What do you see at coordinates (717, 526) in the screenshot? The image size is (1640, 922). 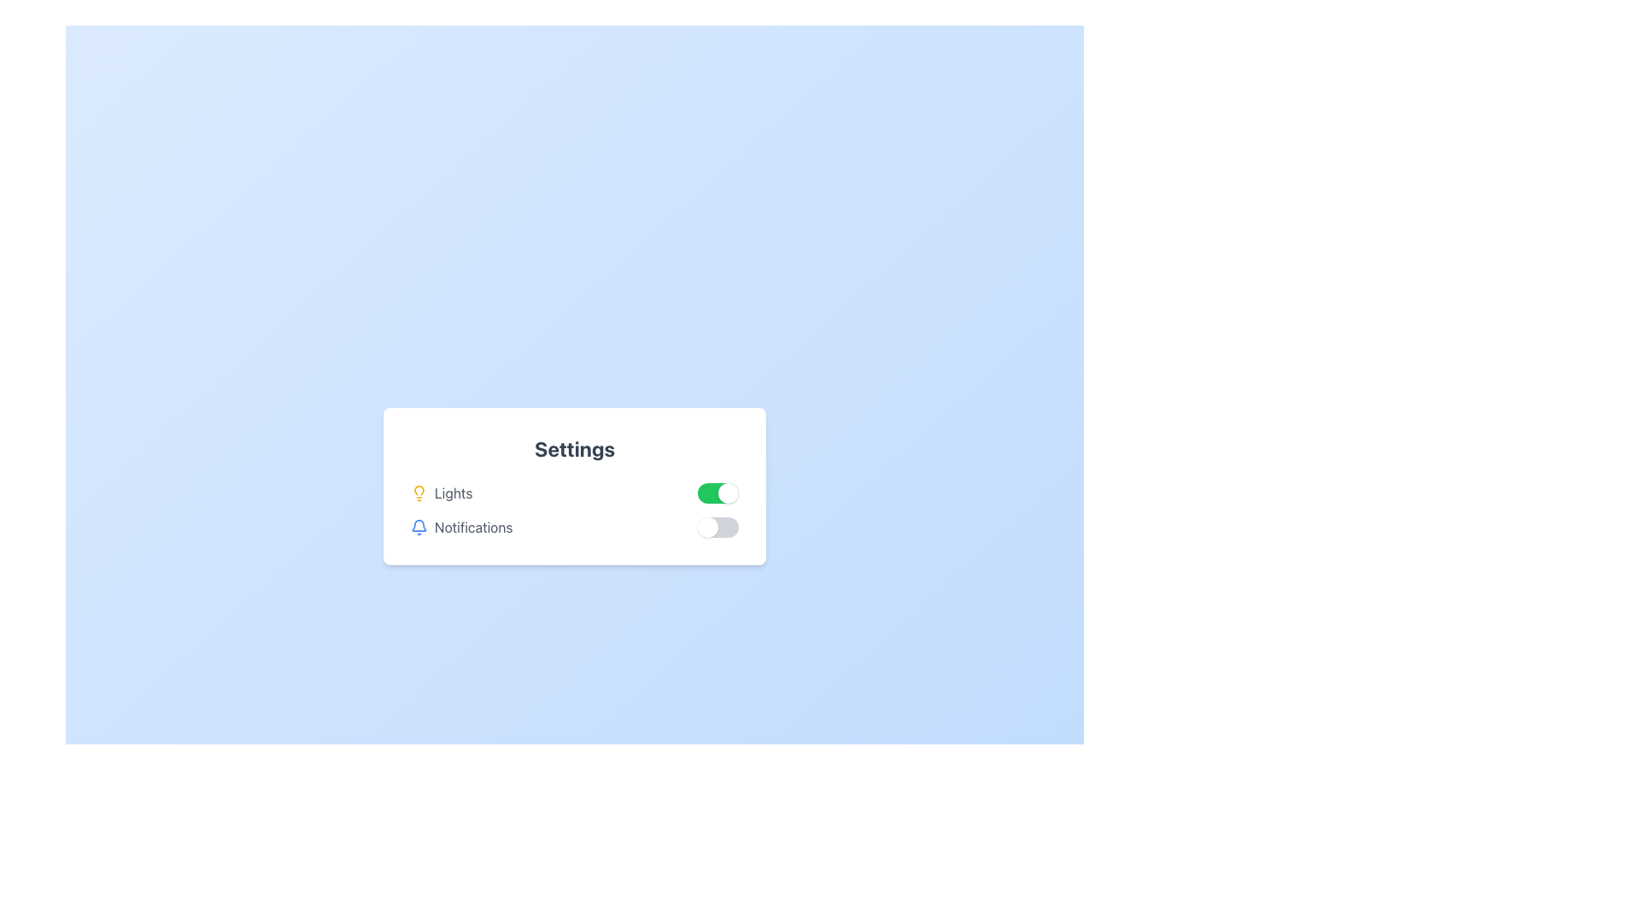 I see `the toggle switch located in the bottom section of the settings panel` at bounding box center [717, 526].